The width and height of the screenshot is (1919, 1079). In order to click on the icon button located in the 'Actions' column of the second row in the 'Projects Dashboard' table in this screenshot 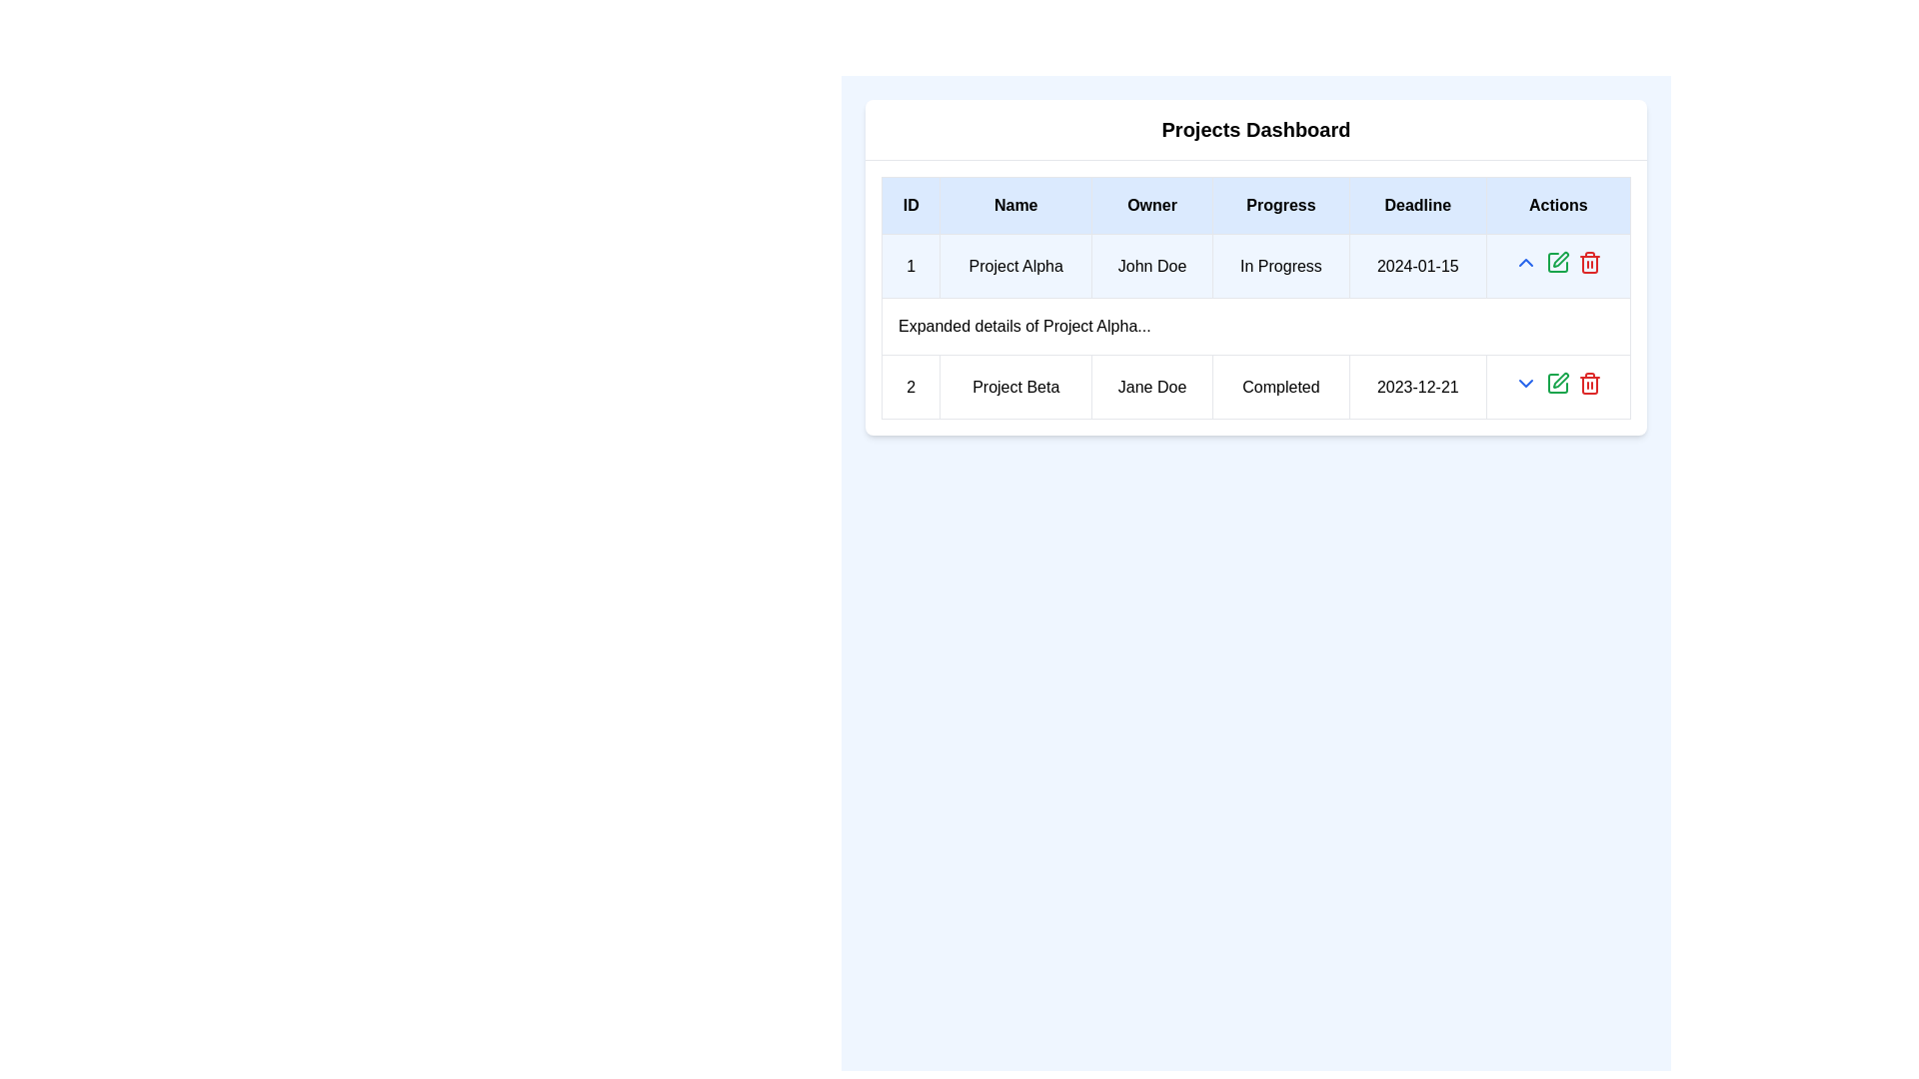, I will do `click(1557, 384)`.